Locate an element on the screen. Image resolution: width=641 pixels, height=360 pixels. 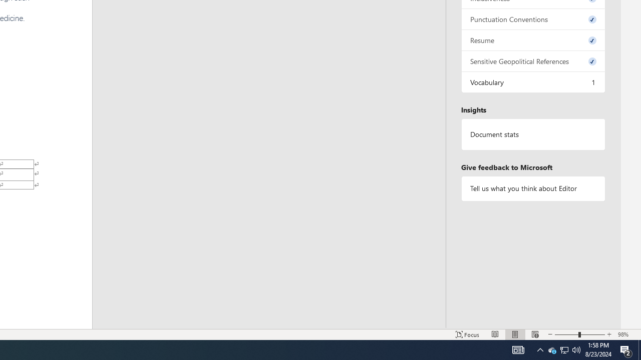
'Resume, 0 issues. Press space or enter to review items.' is located at coordinates (532, 39).